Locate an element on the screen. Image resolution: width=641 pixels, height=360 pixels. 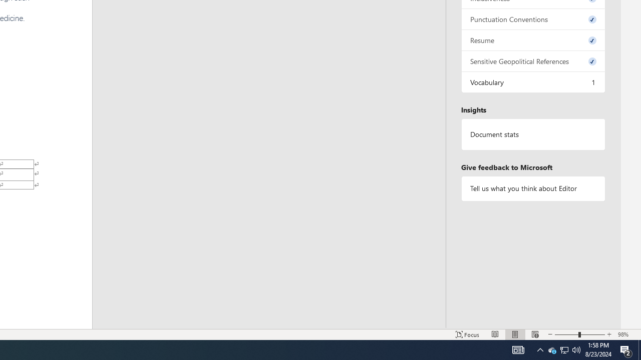
'Resume, 0 issues. Press space or enter to review items.' is located at coordinates (532, 39).